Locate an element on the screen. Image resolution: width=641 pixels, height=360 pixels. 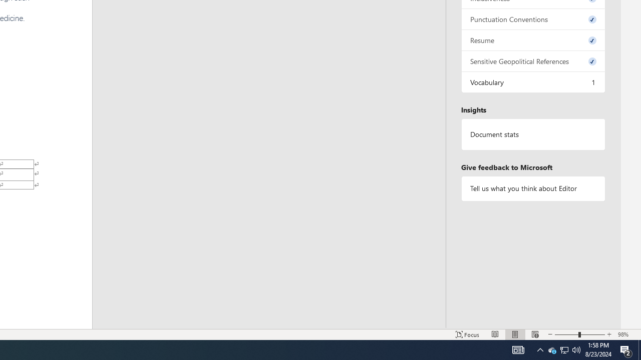
'Resume, 0 issues. Press space or enter to review items.' is located at coordinates (532, 39).